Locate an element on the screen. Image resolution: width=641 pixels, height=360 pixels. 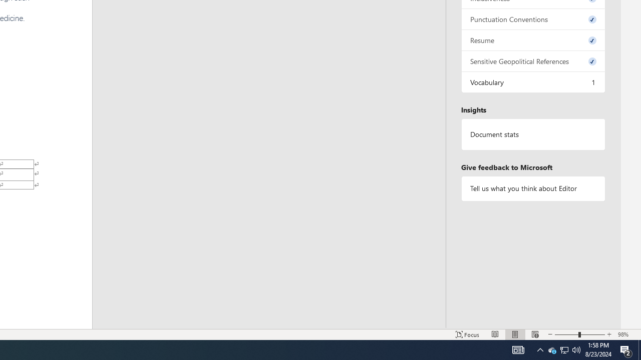
'Resume, 0 issues. Press space or enter to review items.' is located at coordinates (532, 39).